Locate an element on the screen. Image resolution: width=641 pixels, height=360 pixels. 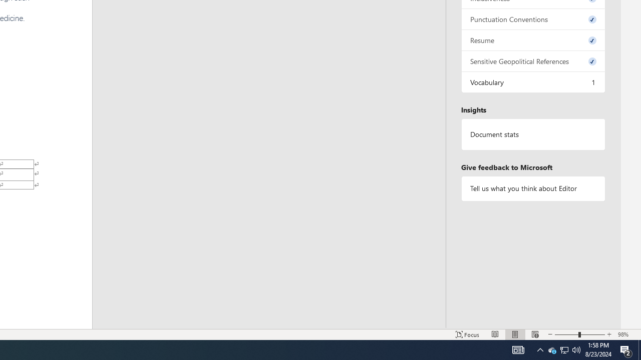
'Resume, 0 issues. Press space or enter to review items.' is located at coordinates (532, 39).